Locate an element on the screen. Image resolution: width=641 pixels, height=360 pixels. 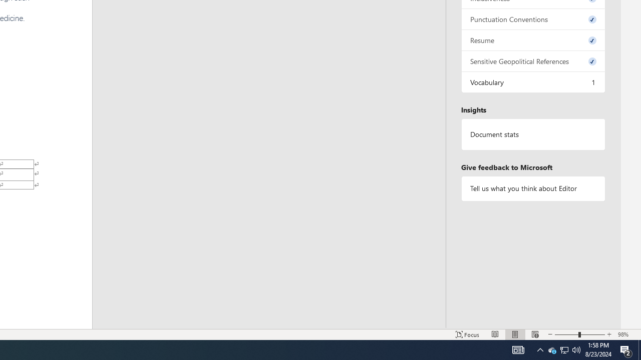
'Resume, 0 issues. Press space or enter to review items.' is located at coordinates (532, 39).